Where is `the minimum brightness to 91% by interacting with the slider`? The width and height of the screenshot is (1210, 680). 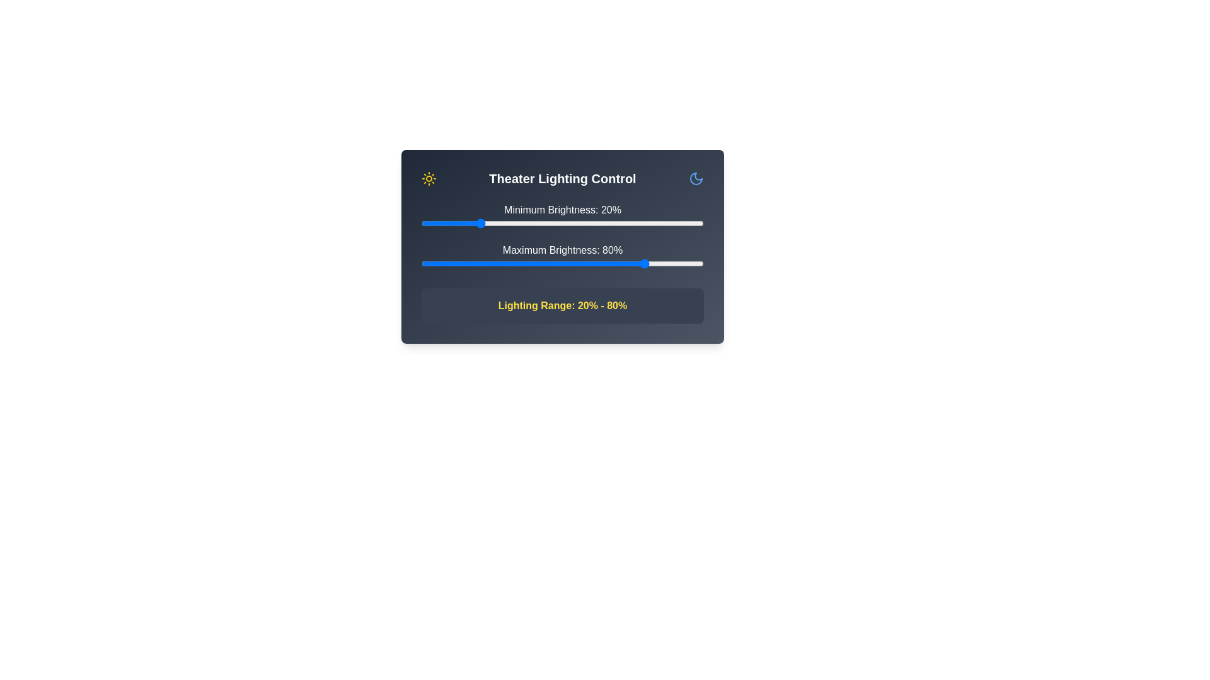 the minimum brightness to 91% by interacting with the slider is located at coordinates (677, 222).